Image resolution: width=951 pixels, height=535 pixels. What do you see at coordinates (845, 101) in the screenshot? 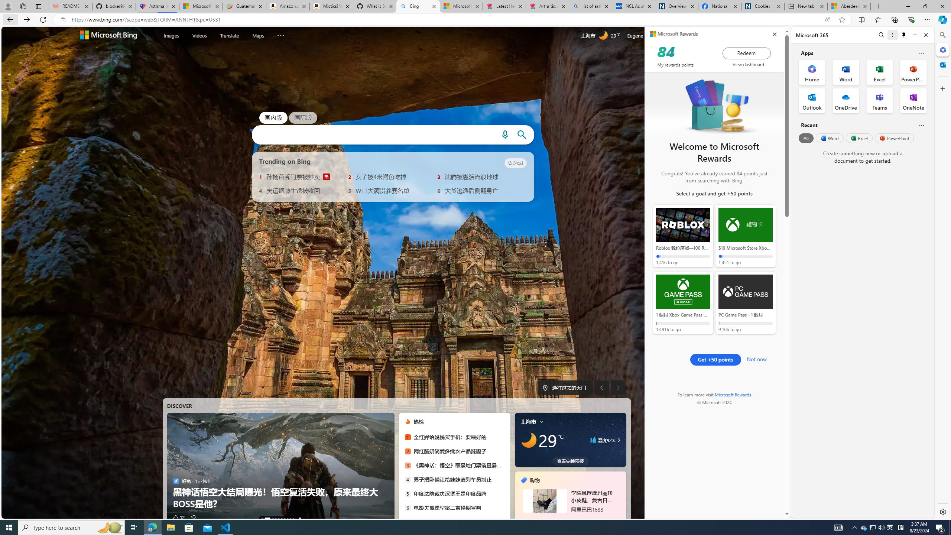
I see `'OneDrive Office App'` at bounding box center [845, 101].